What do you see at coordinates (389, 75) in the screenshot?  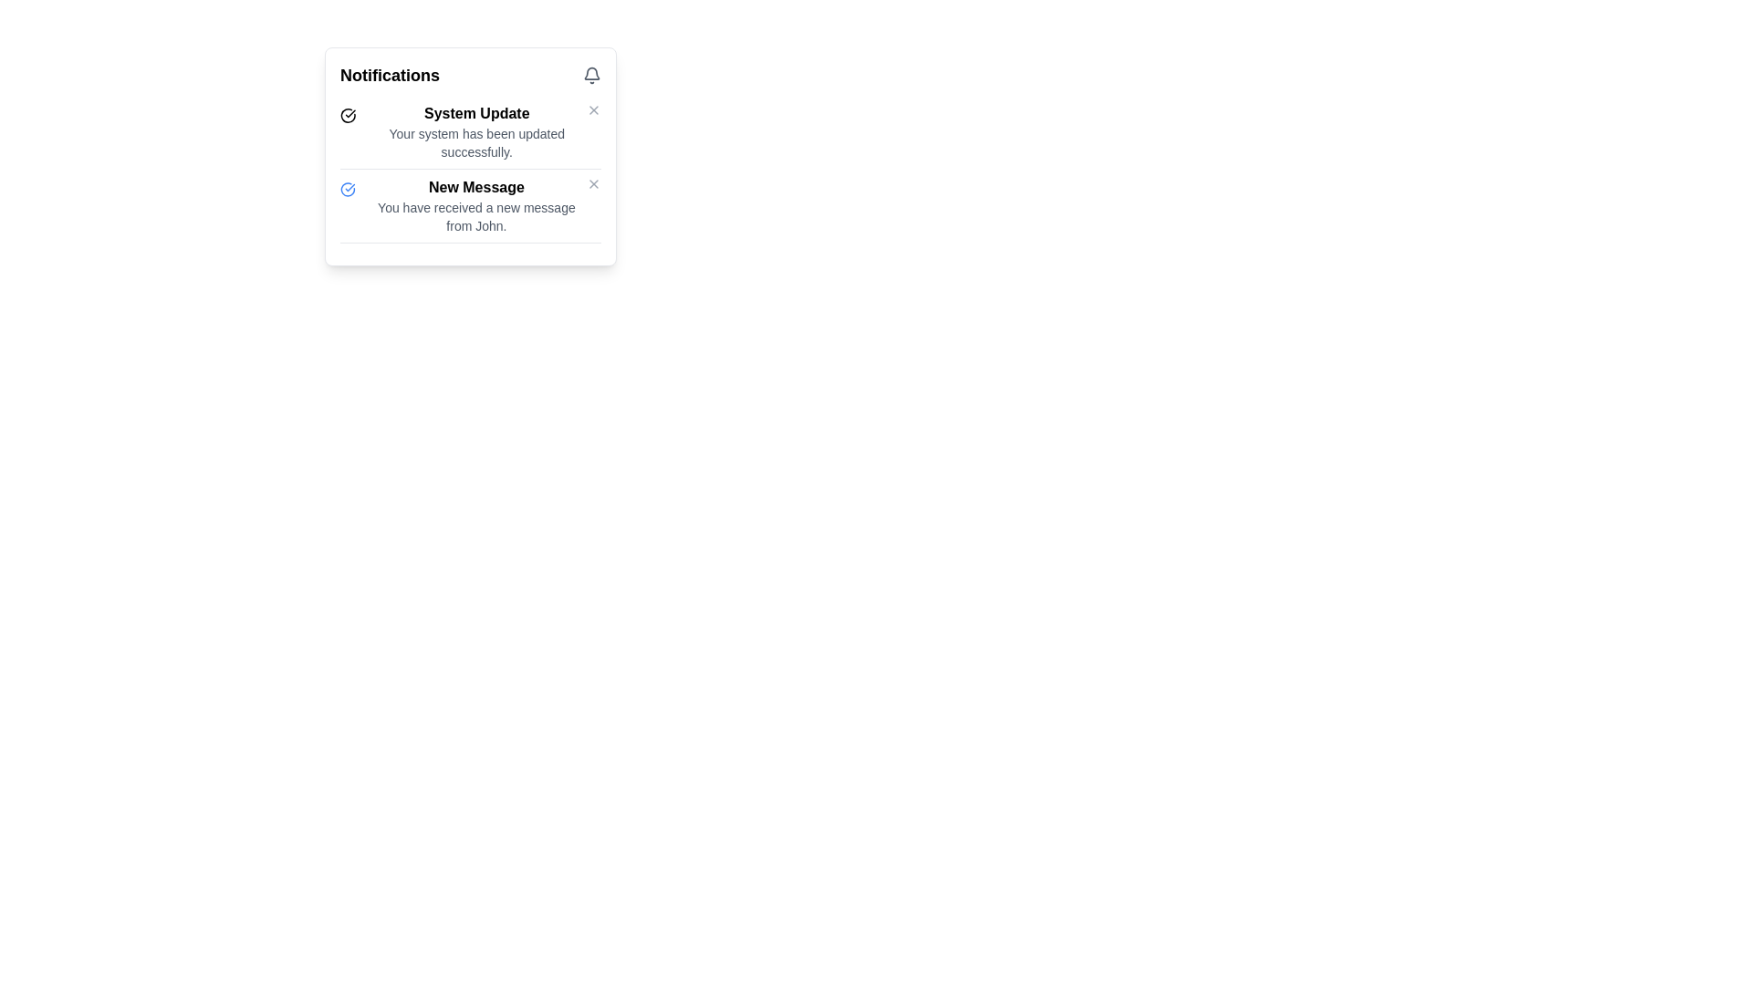 I see `the 'Notifications' text label, which is displayed in bold and large font at the upper-left corner of the notification panel` at bounding box center [389, 75].